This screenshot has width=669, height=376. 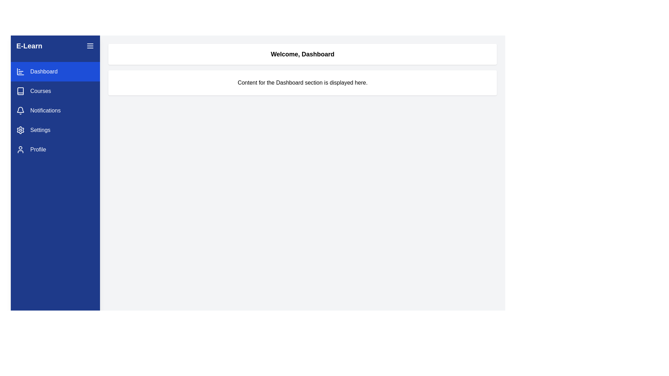 I want to click on the 'Courses' icon in the left-hand navigation menu, which is located below the 'Dashboard' icon and adjacent to the 'Courses' label, so click(x=20, y=91).